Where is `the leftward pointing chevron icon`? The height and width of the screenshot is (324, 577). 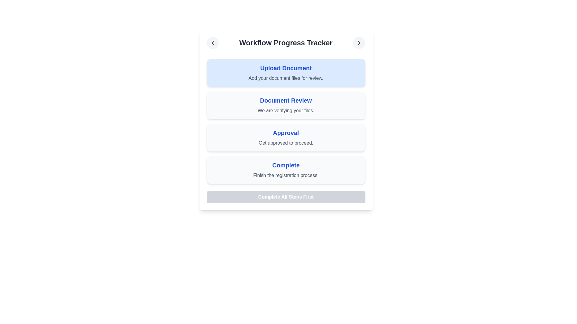 the leftward pointing chevron icon is located at coordinates (212, 42).